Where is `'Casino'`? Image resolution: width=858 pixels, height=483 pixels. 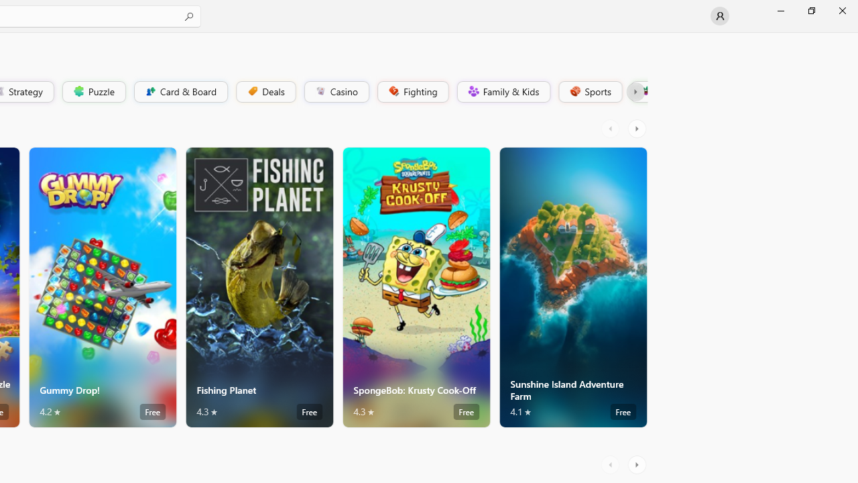 'Casino' is located at coordinates (336, 91).